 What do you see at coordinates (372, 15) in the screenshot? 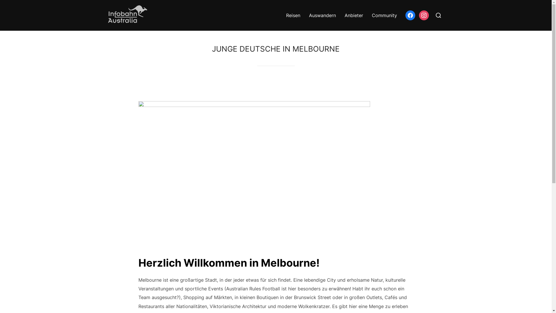
I see `'Community'` at bounding box center [372, 15].